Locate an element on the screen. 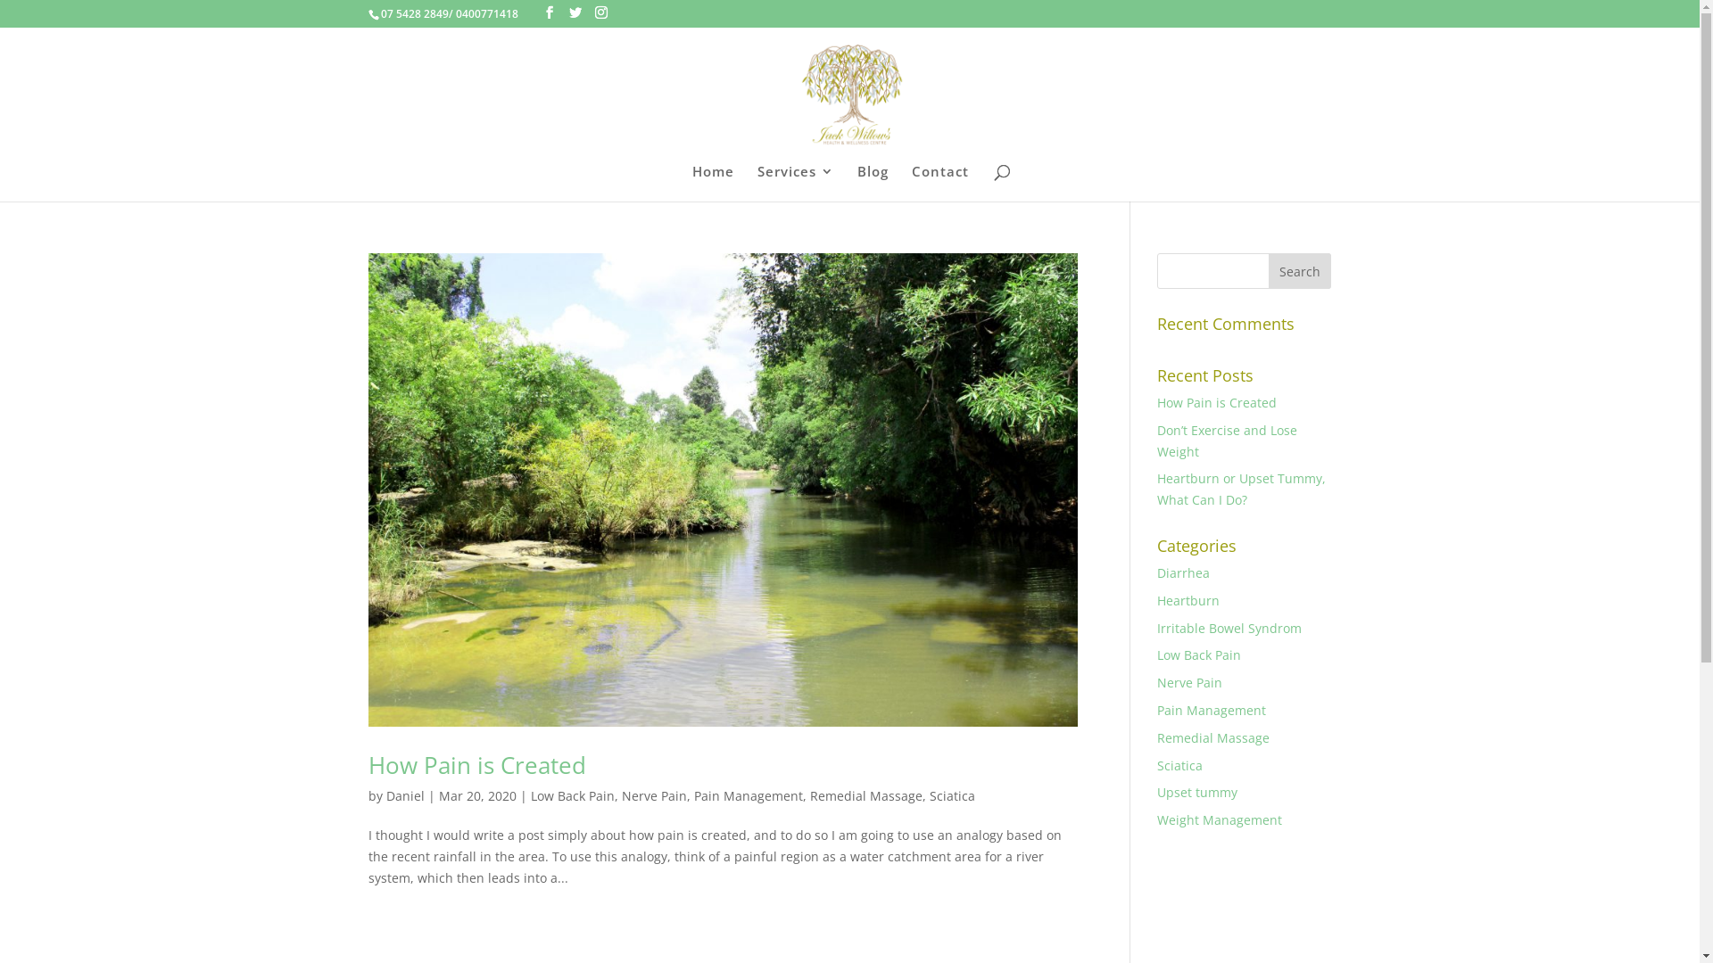  'Pain Management' is located at coordinates (1212, 709).